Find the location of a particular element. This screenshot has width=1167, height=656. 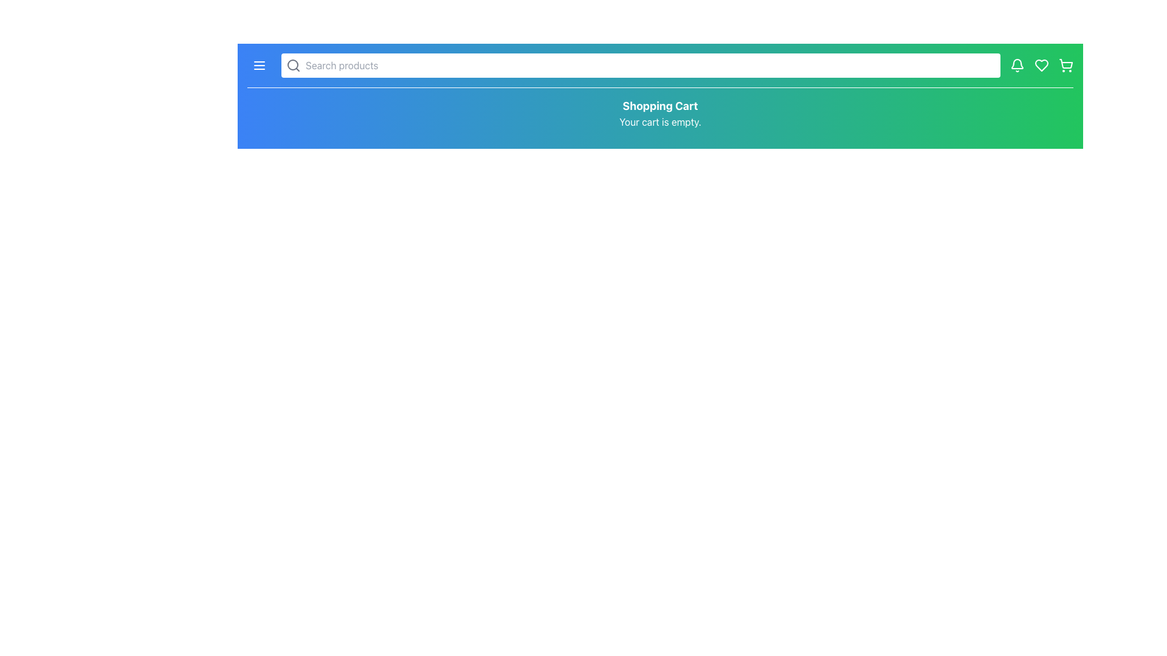

the heart-shaped icon button located in the navigation bar is located at coordinates (1041, 66).